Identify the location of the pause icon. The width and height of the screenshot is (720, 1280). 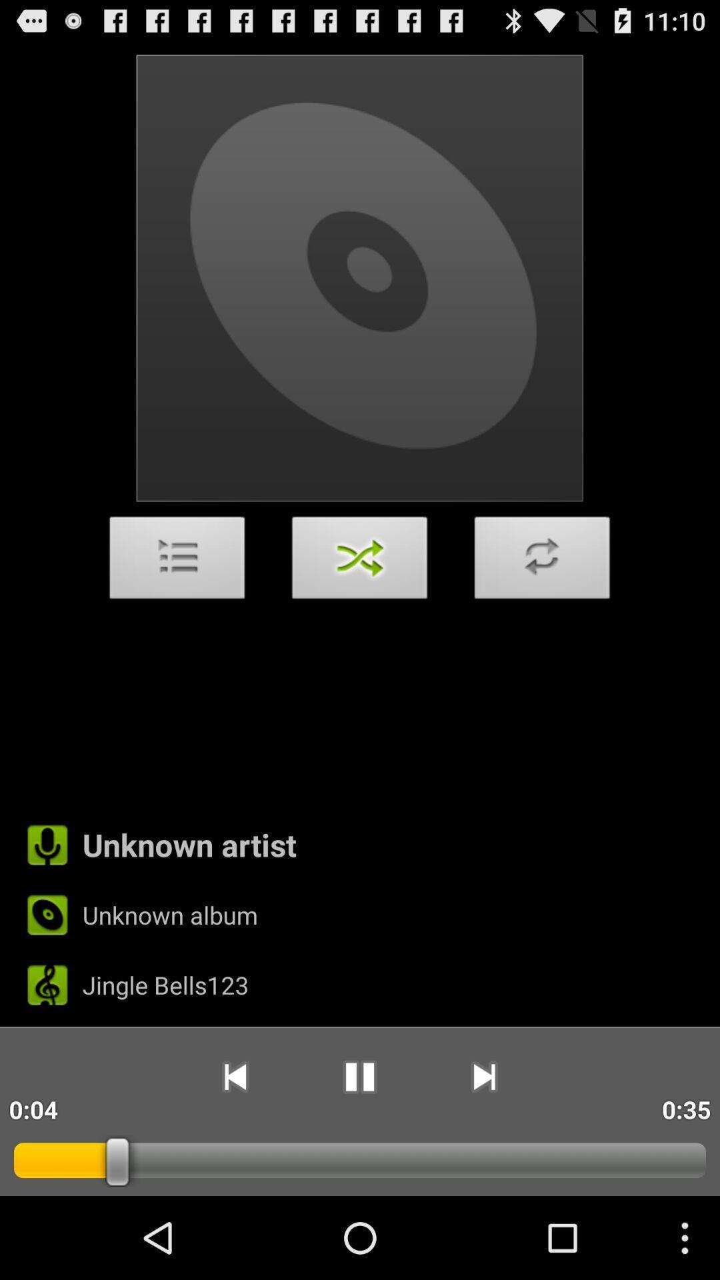
(359, 1151).